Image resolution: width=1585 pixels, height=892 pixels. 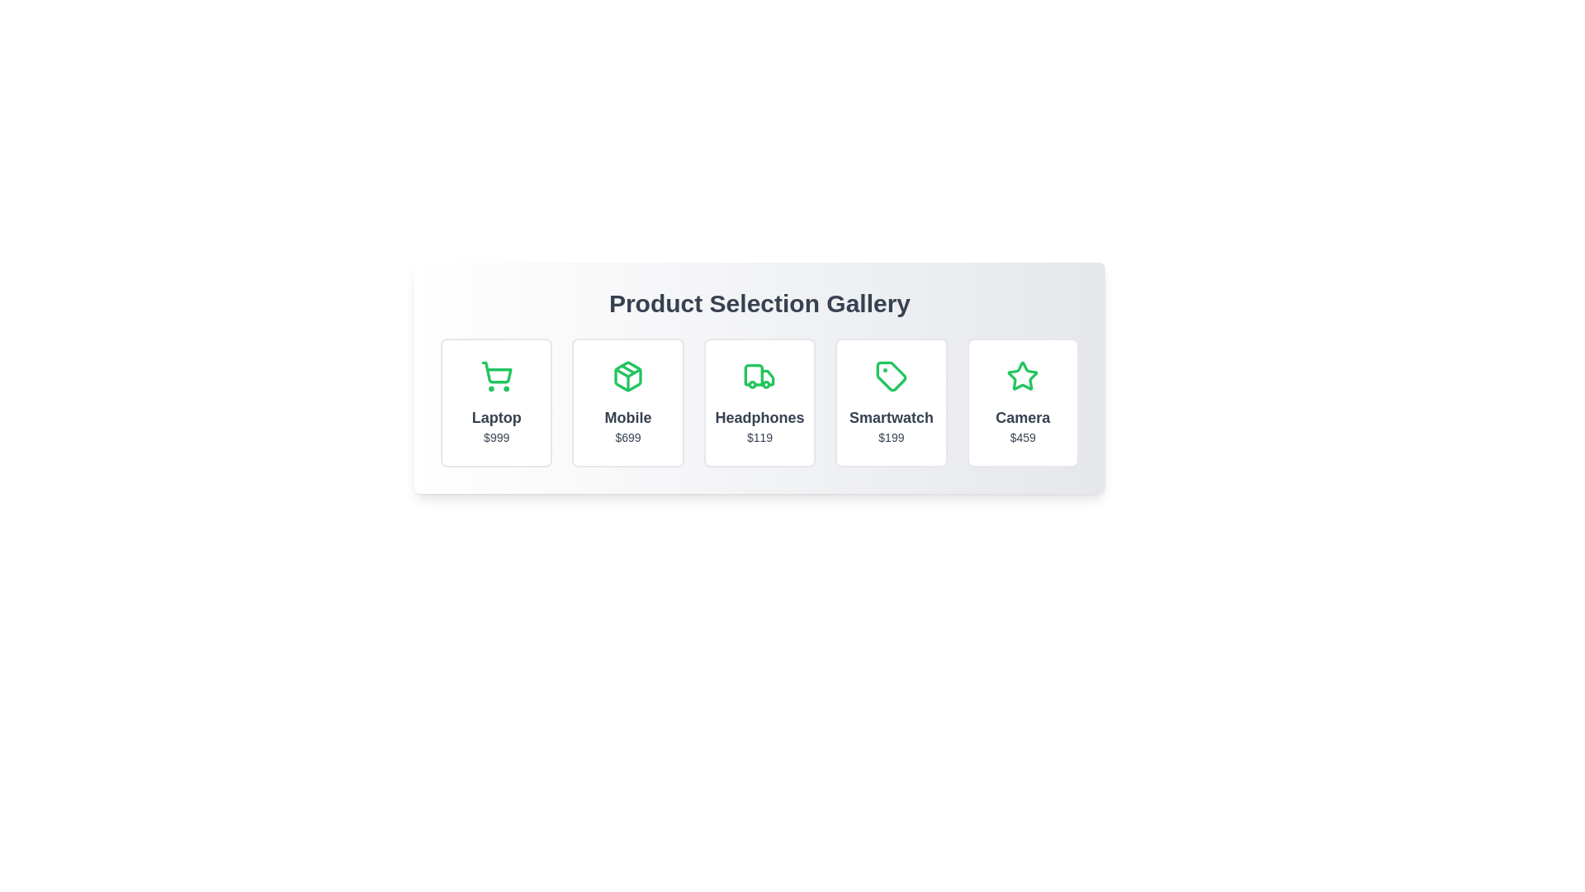 What do you see at coordinates (1022, 436) in the screenshot?
I see `the static text displaying the price of the 'Camera' product, located at the bottom center of the 'Camera' card` at bounding box center [1022, 436].